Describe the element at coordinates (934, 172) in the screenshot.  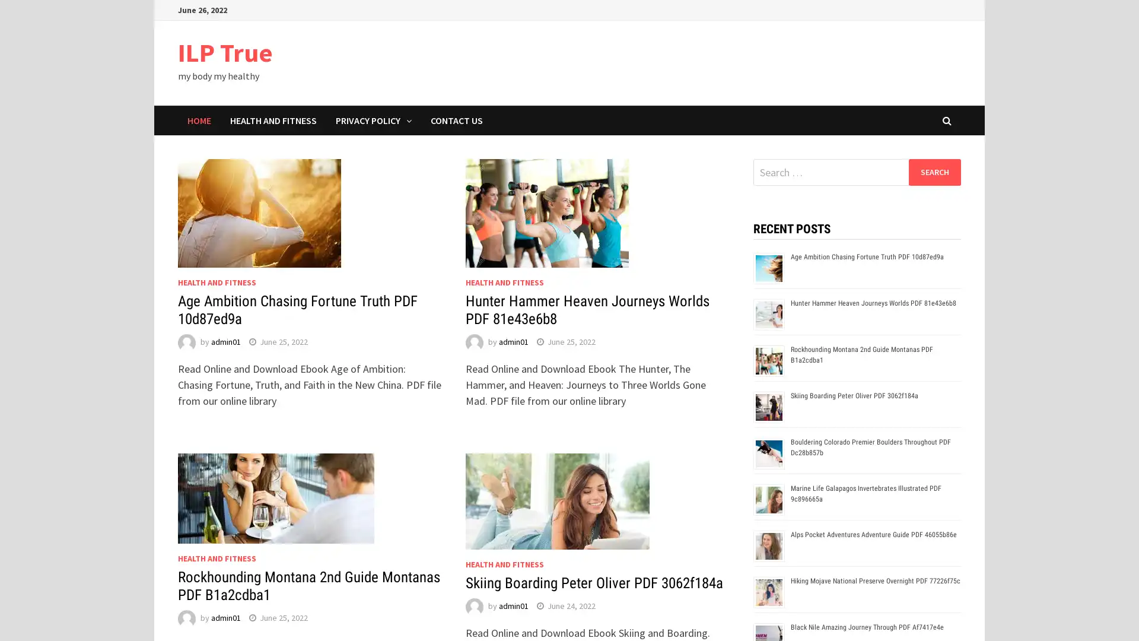
I see `Search` at that location.